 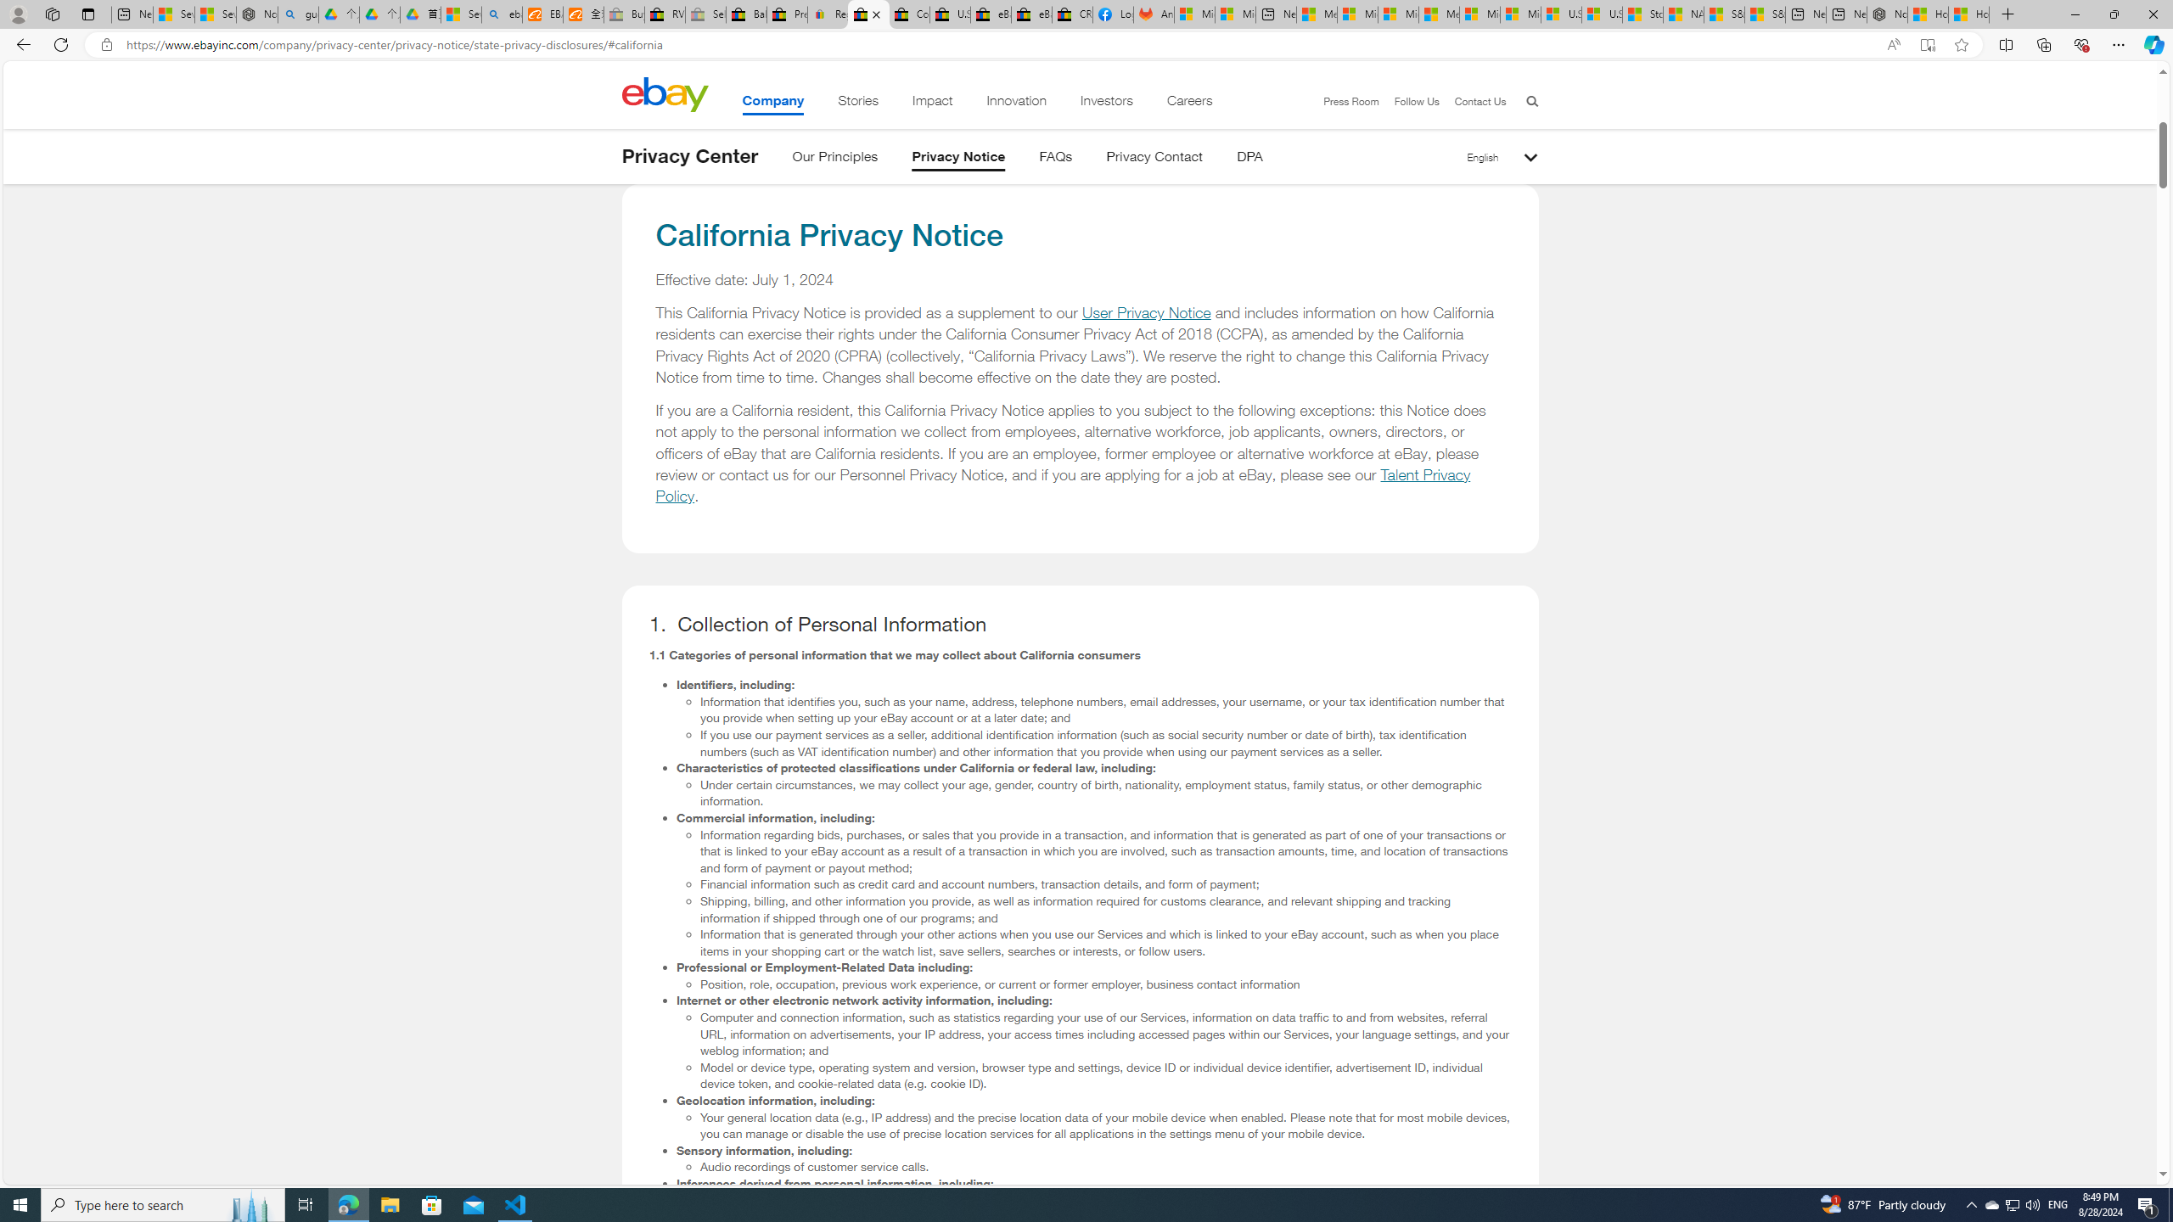 I want to click on 'Privacy Center', so click(x=688, y=155).